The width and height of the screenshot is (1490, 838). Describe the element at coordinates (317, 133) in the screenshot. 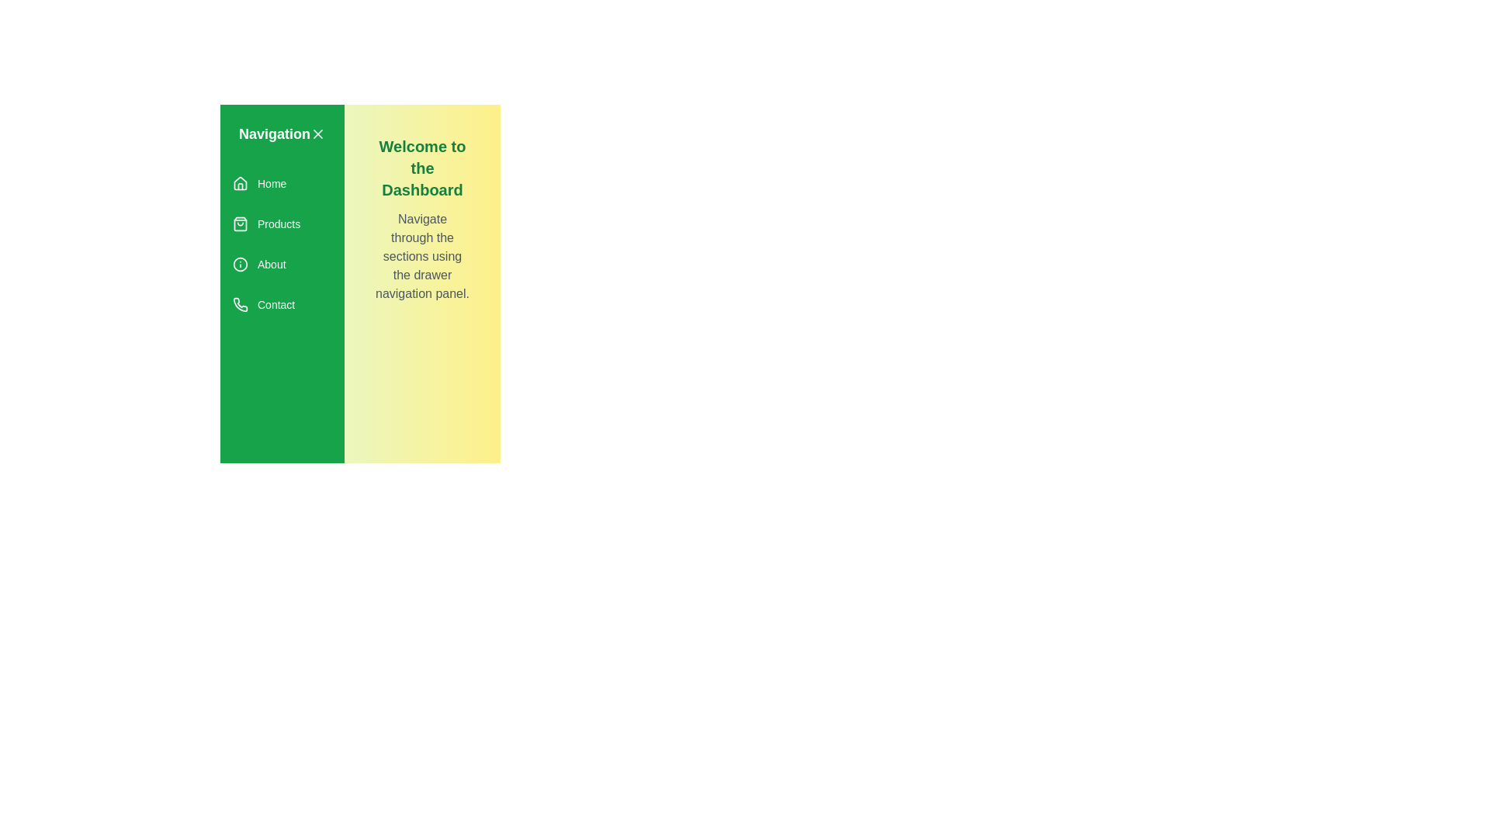

I see `close button to toggle the drawer closed` at that location.